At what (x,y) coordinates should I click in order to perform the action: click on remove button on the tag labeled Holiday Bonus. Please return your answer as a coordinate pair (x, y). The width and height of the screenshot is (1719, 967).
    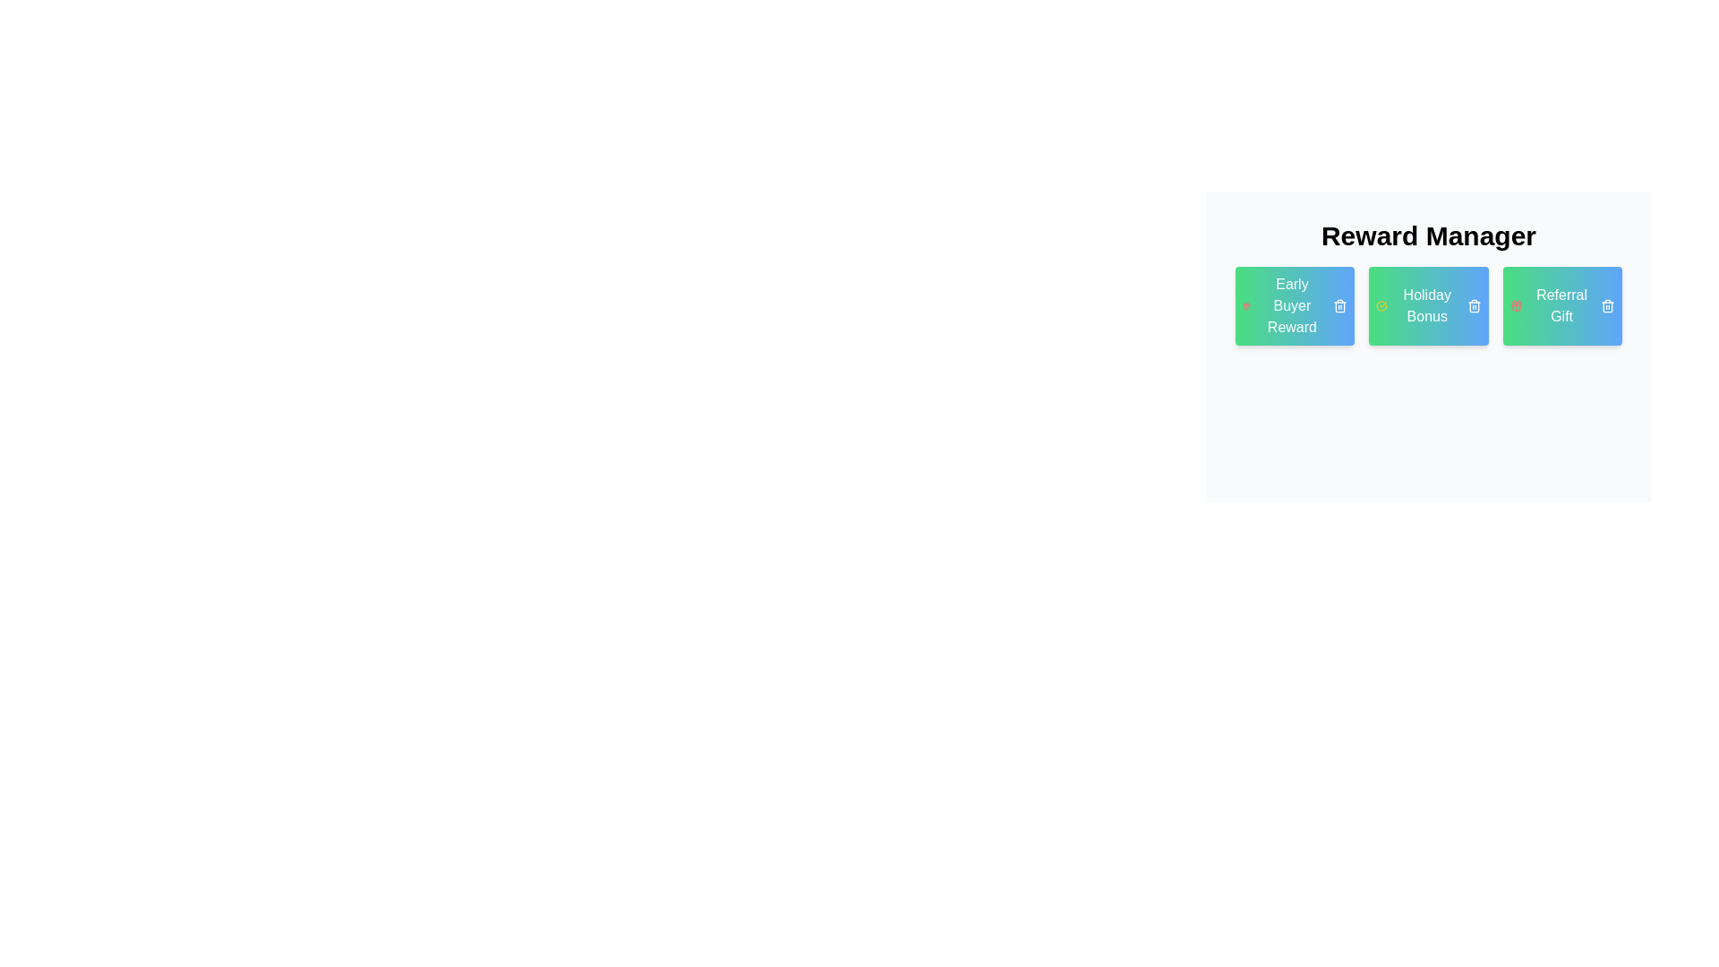
    Looking at the image, I should click on (1474, 305).